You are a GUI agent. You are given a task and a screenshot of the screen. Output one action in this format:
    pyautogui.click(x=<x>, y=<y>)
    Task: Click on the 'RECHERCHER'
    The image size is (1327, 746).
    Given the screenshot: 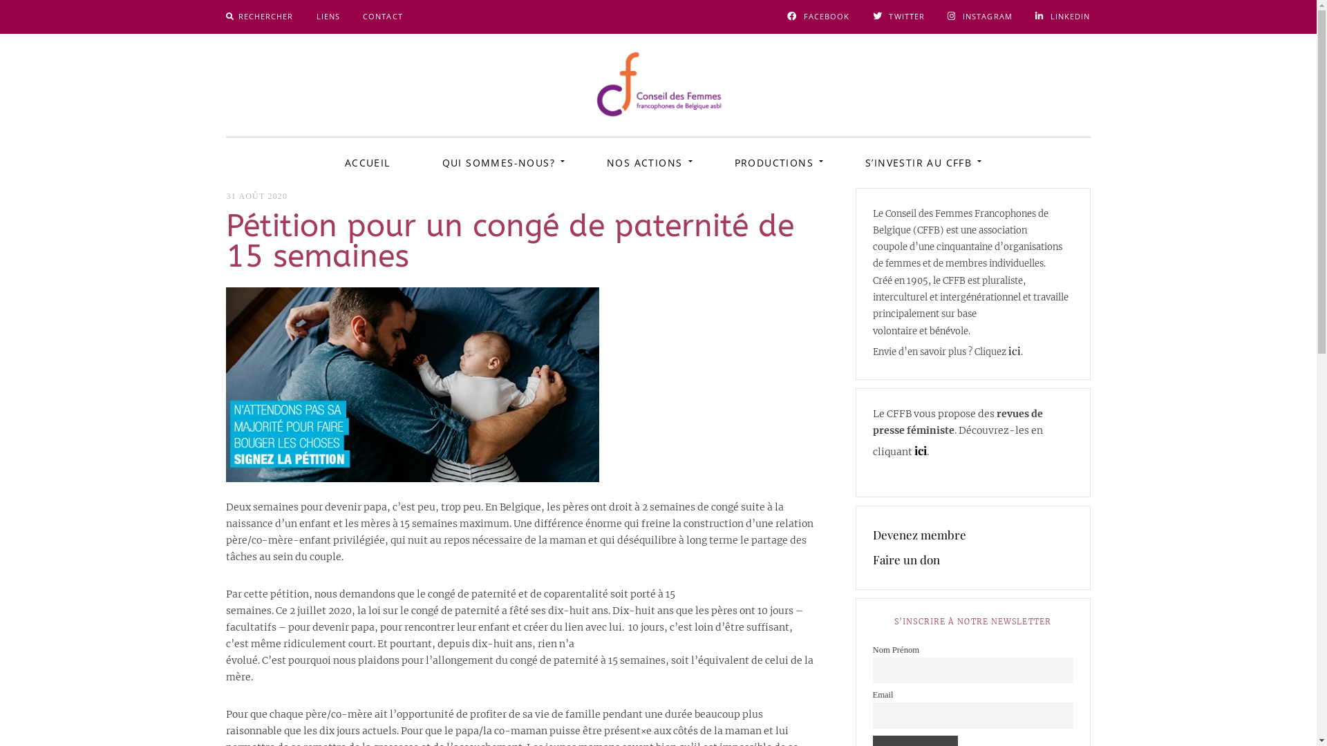 What is the action you would take?
    pyautogui.click(x=259, y=17)
    